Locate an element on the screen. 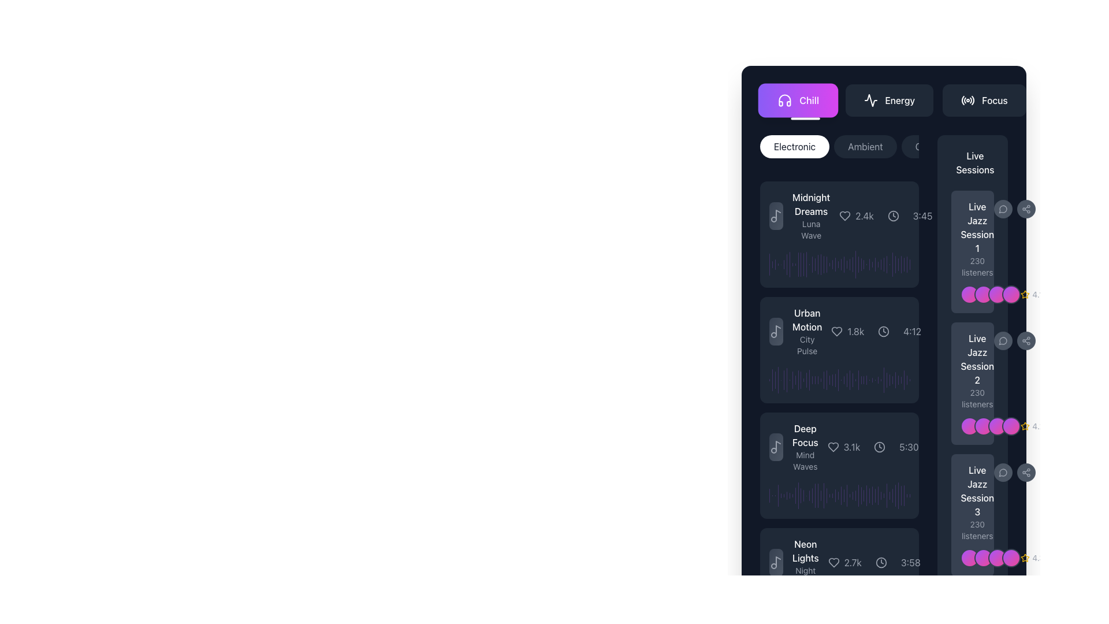 This screenshot has height=624, width=1109. the second circular button located at the bottom right of the card for 'Live Jazz Session 3' to share the associated live session is located at coordinates (1026, 472).